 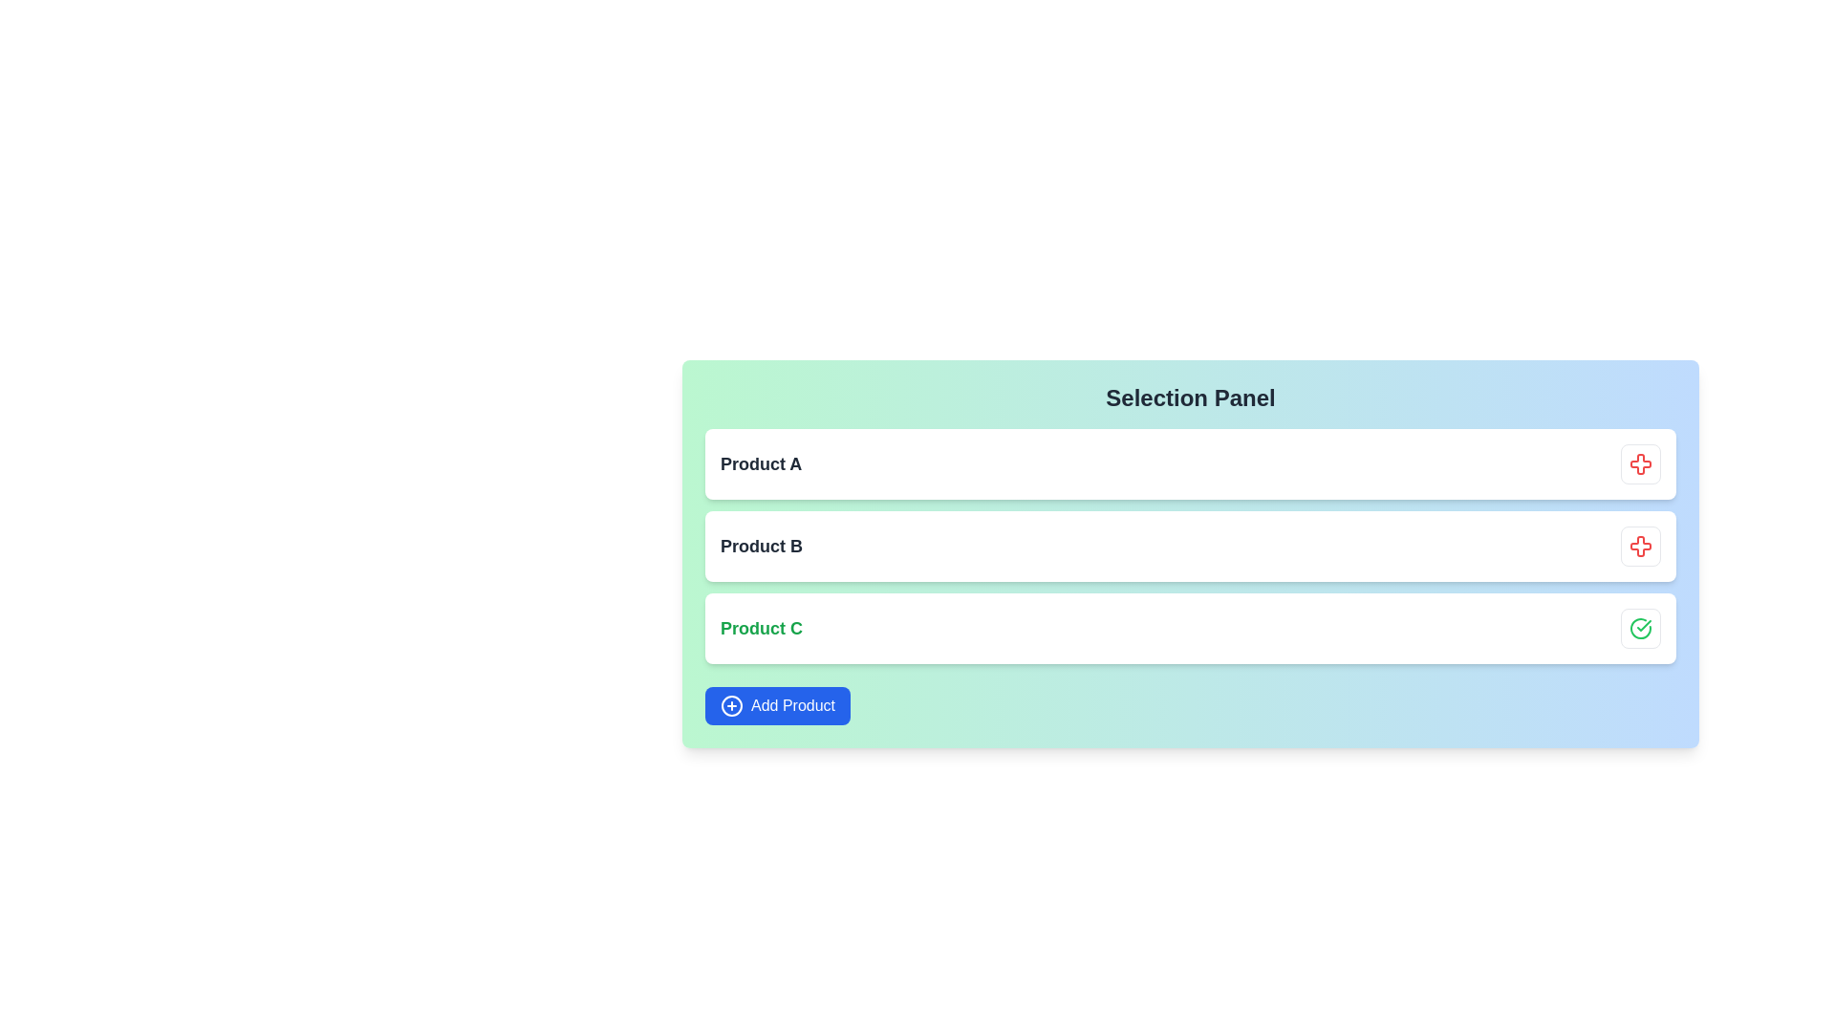 I want to click on the status conveyed by the green checkmark icon located in the rightmost section of the third list item labeled 'Product C', so click(x=1640, y=629).